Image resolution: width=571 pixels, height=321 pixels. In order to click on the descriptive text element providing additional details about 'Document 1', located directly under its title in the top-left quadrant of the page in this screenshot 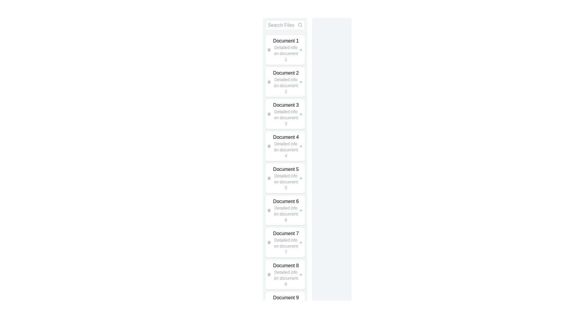, I will do `click(286, 53)`.